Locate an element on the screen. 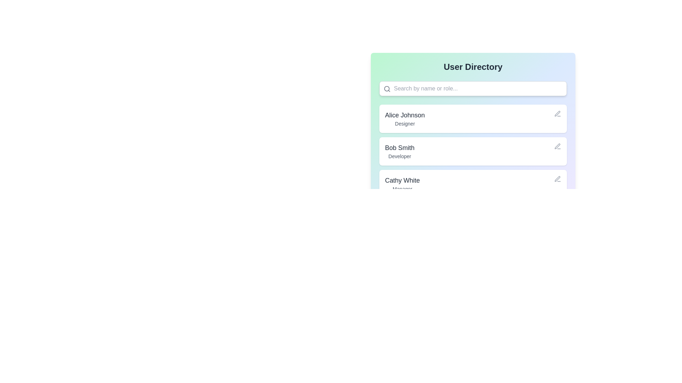 This screenshot has height=383, width=682. the editing icon located in the top-right corner of the panel for 'Alice Johnson - Designer' is located at coordinates (557, 113).